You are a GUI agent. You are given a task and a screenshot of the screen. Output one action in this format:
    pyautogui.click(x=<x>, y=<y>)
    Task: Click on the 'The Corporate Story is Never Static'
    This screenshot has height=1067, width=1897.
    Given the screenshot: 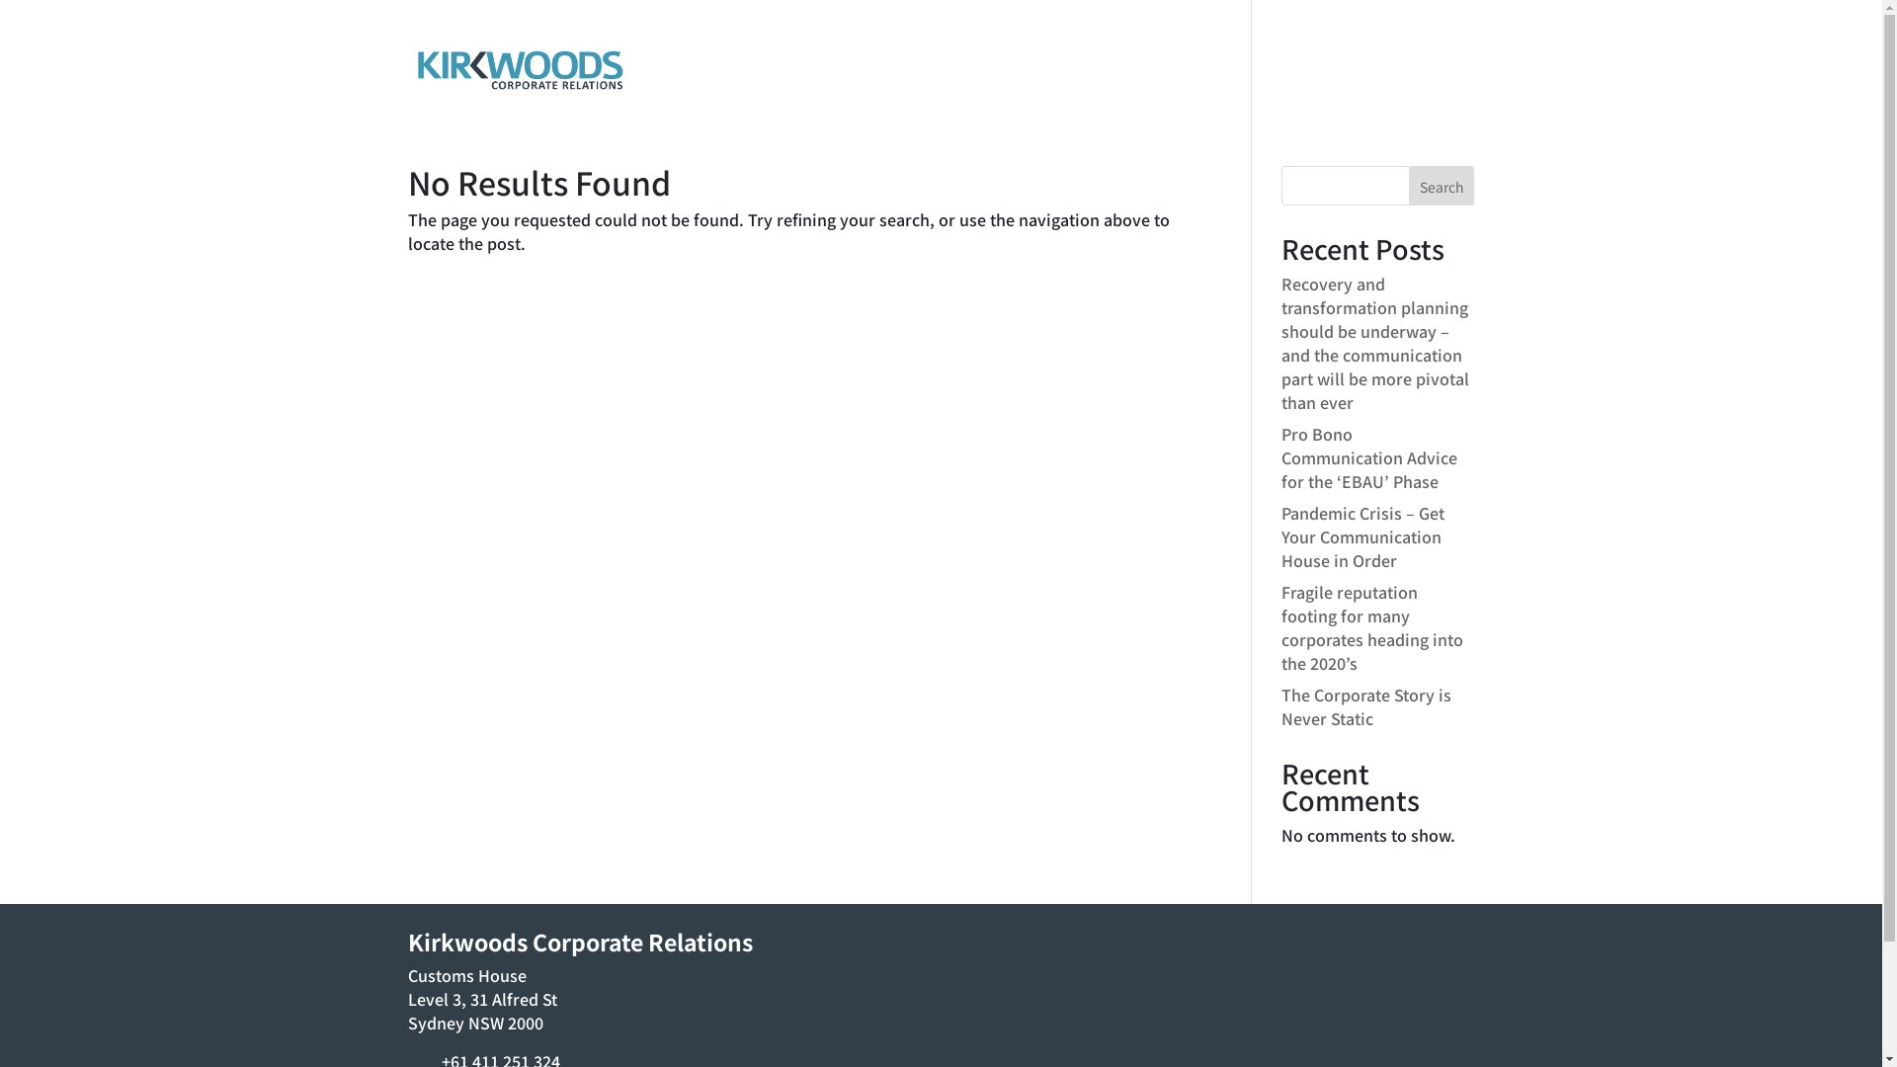 What is the action you would take?
    pyautogui.click(x=1280, y=704)
    